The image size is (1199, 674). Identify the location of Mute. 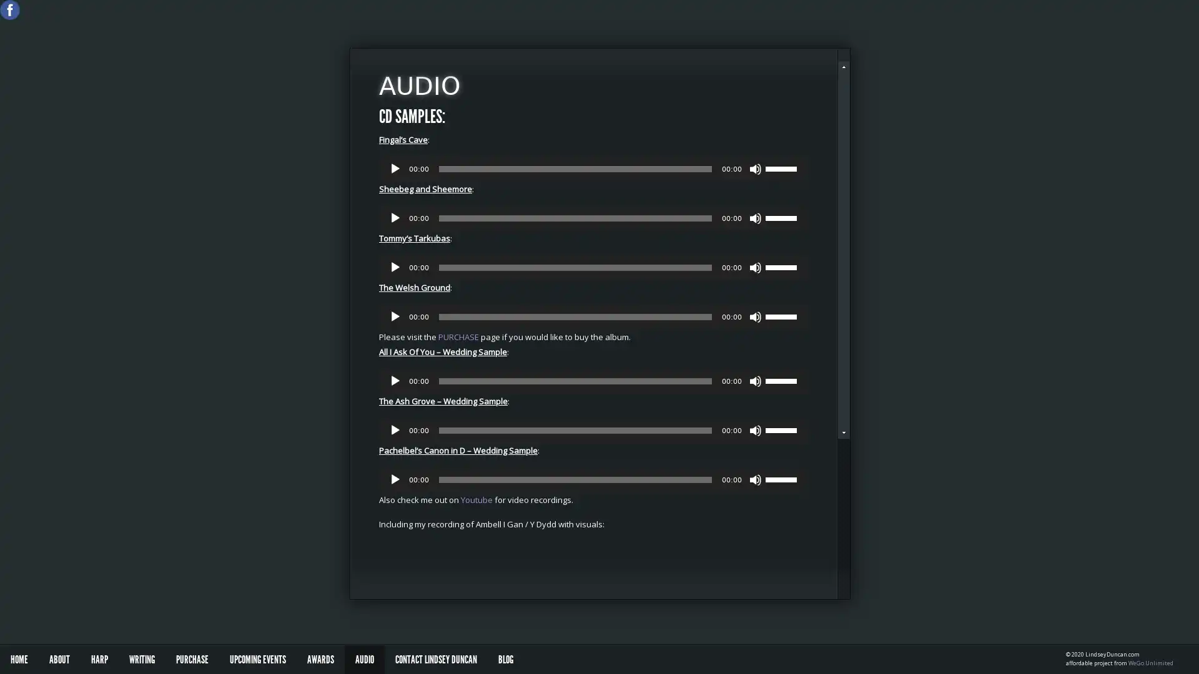
(754, 479).